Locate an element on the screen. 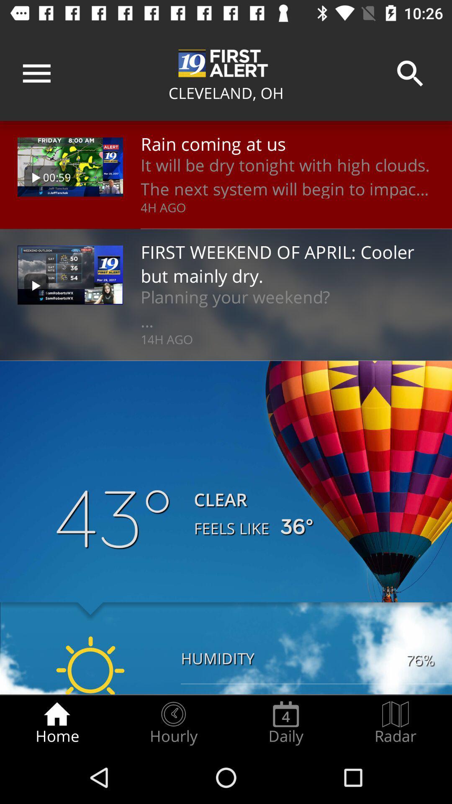 This screenshot has width=452, height=804. the item to the left of daily is located at coordinates (173, 723).